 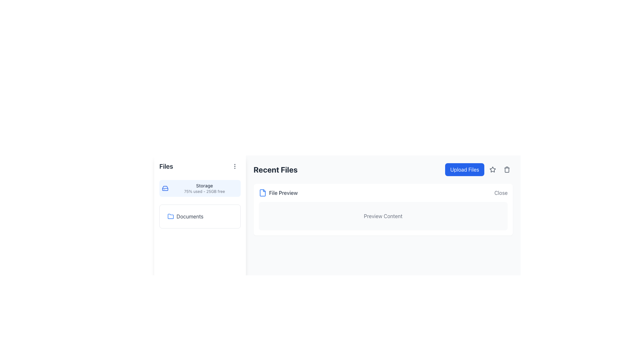 What do you see at coordinates (506, 169) in the screenshot?
I see `the delete icon button located on the far right of the header section in the 'Recent Files' panel` at bounding box center [506, 169].